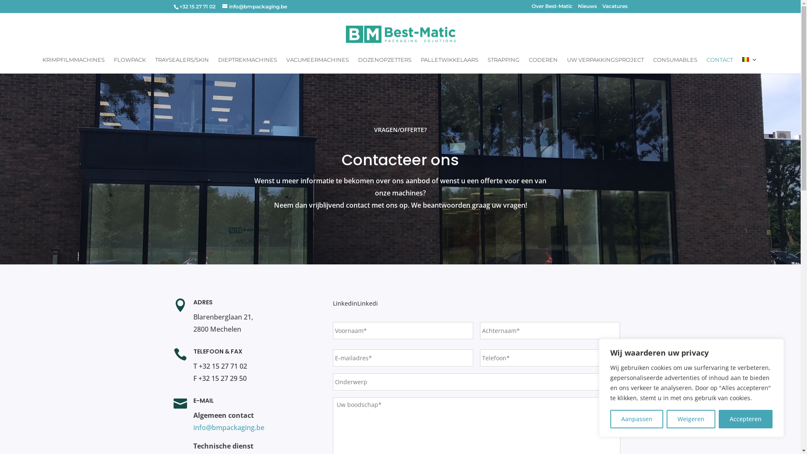 This screenshot has height=454, width=807. I want to click on 'Over Best-Matic', so click(551, 8).